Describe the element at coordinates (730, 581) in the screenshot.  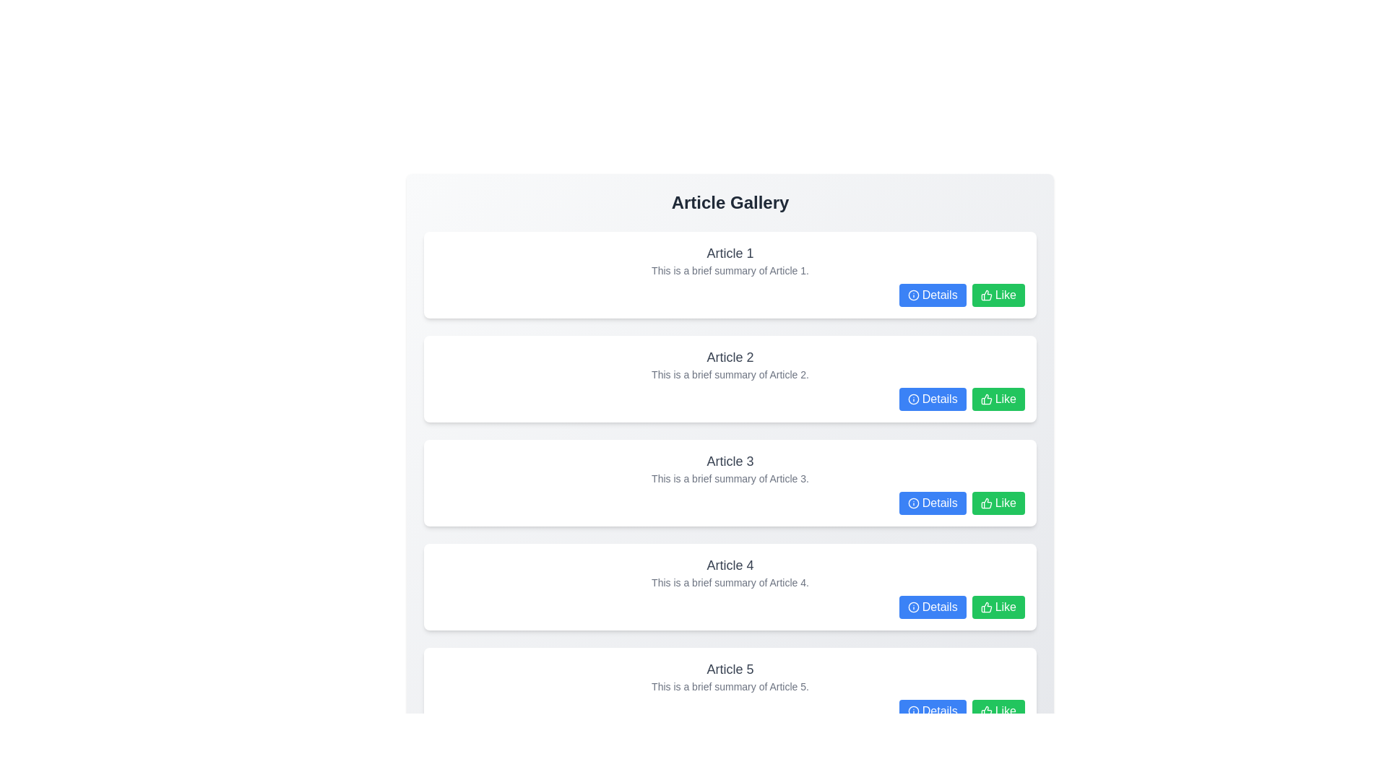
I see `the text block summarizing 'This is a brief summary of Article 4.' which is located below the heading 'Article 4' and styled with a lighter gray font` at that location.